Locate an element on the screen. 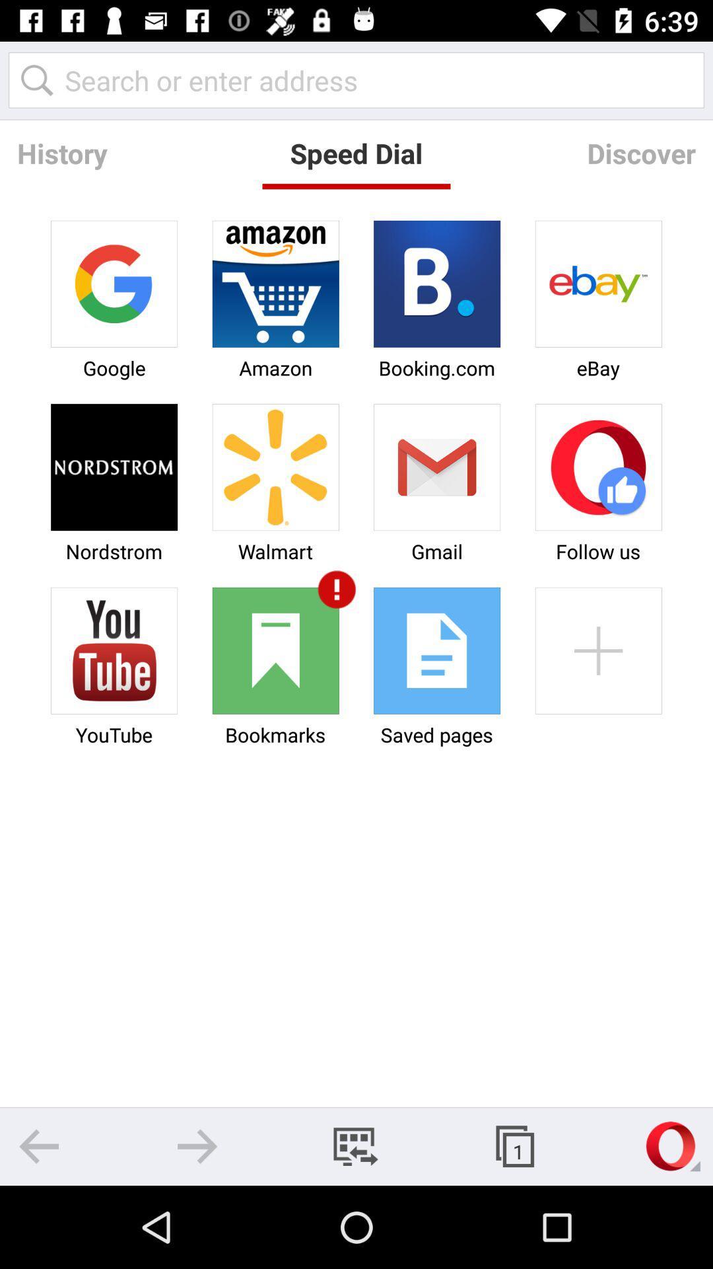 The image size is (713, 1269). the history icon is located at coordinates (62, 153).